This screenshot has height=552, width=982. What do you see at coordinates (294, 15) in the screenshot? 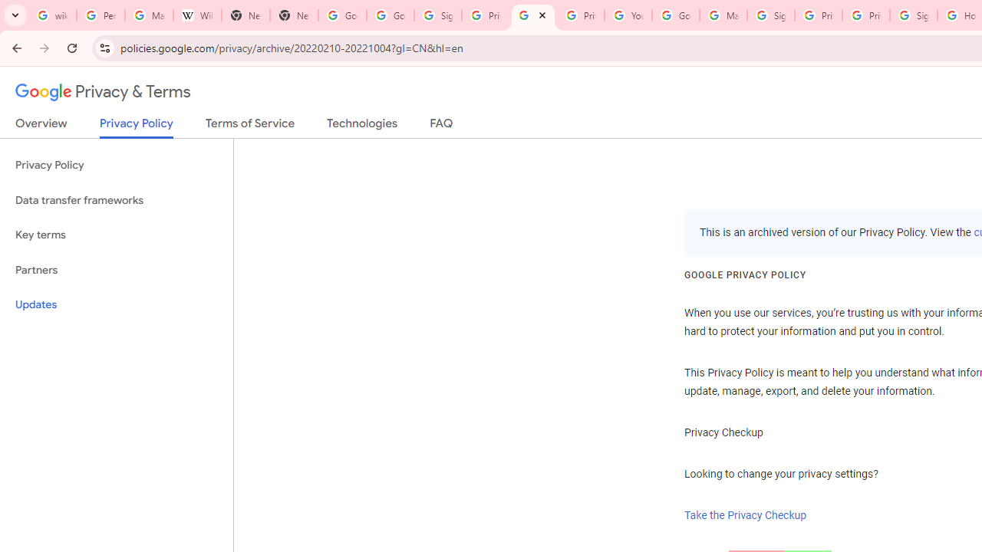
I see `'New Tab'` at bounding box center [294, 15].